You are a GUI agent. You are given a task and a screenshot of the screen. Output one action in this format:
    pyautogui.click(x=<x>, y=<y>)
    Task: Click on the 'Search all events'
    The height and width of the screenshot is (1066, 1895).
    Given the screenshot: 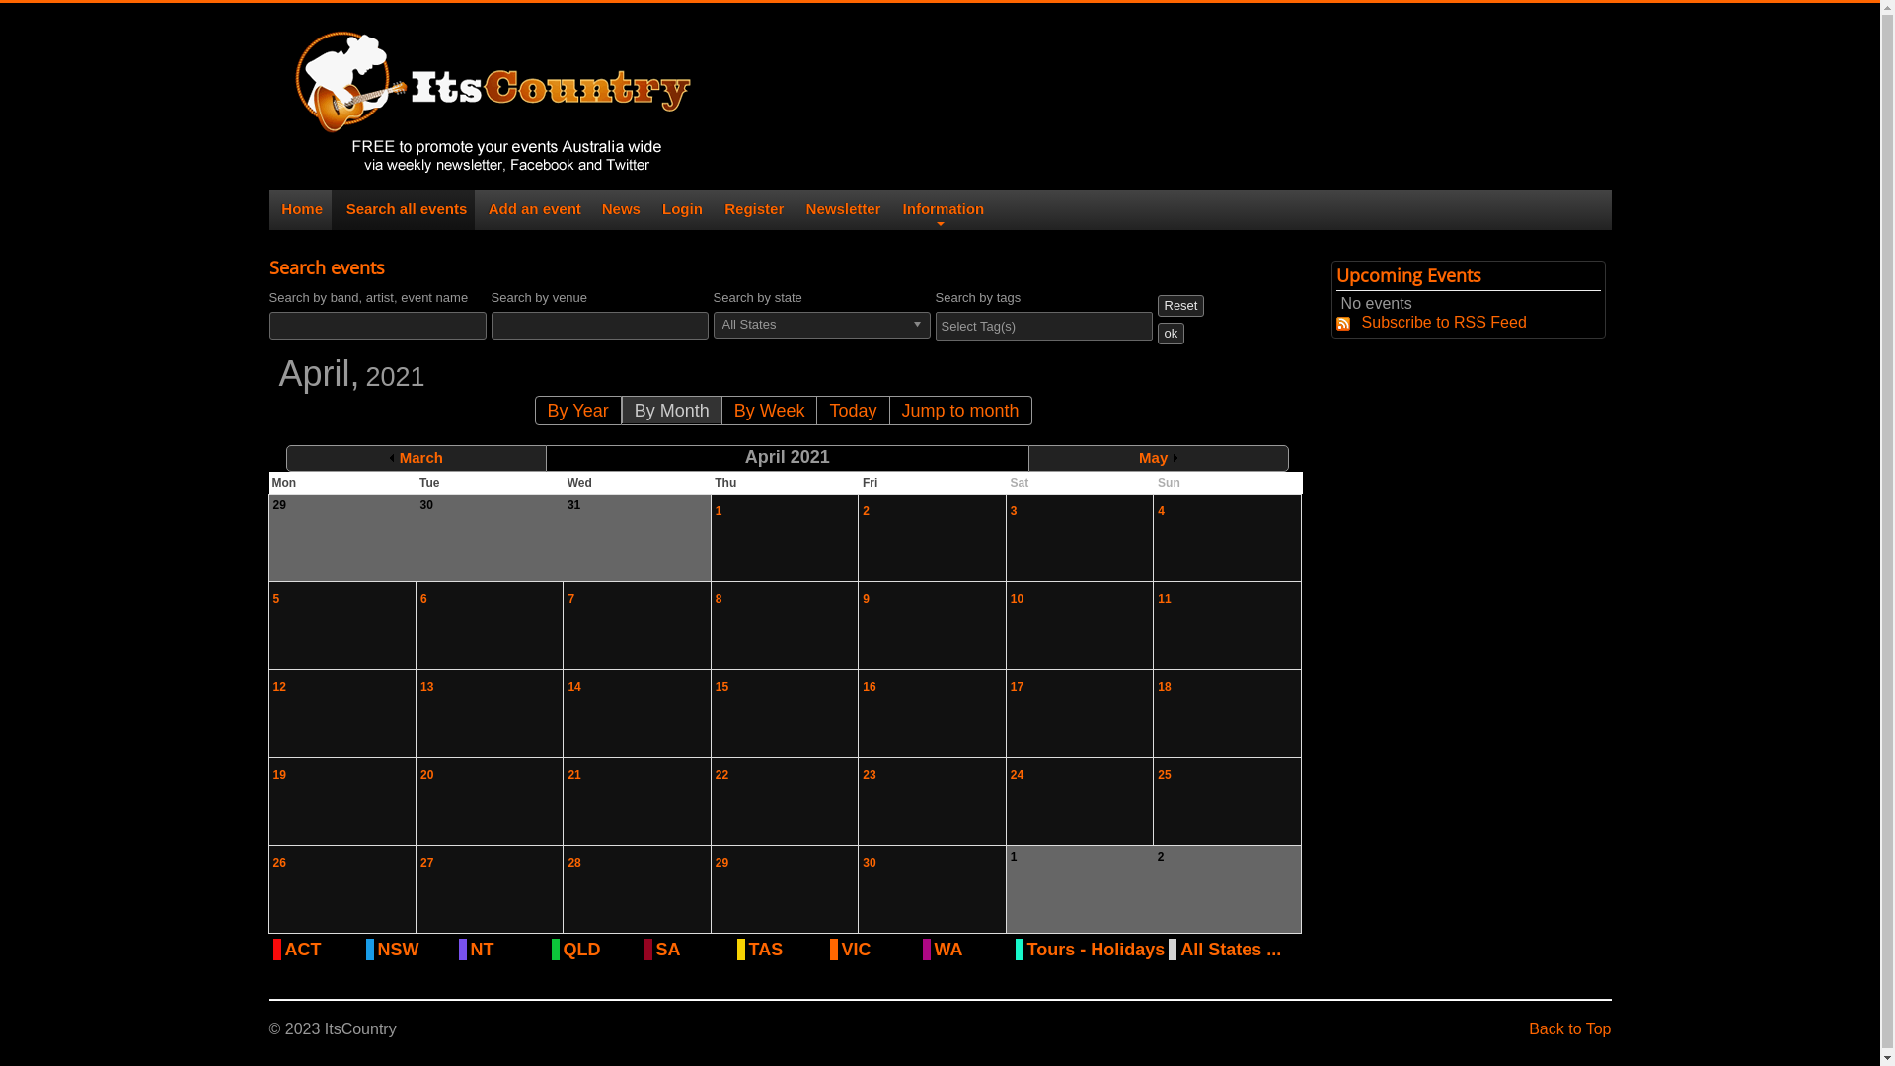 What is the action you would take?
    pyautogui.click(x=402, y=209)
    